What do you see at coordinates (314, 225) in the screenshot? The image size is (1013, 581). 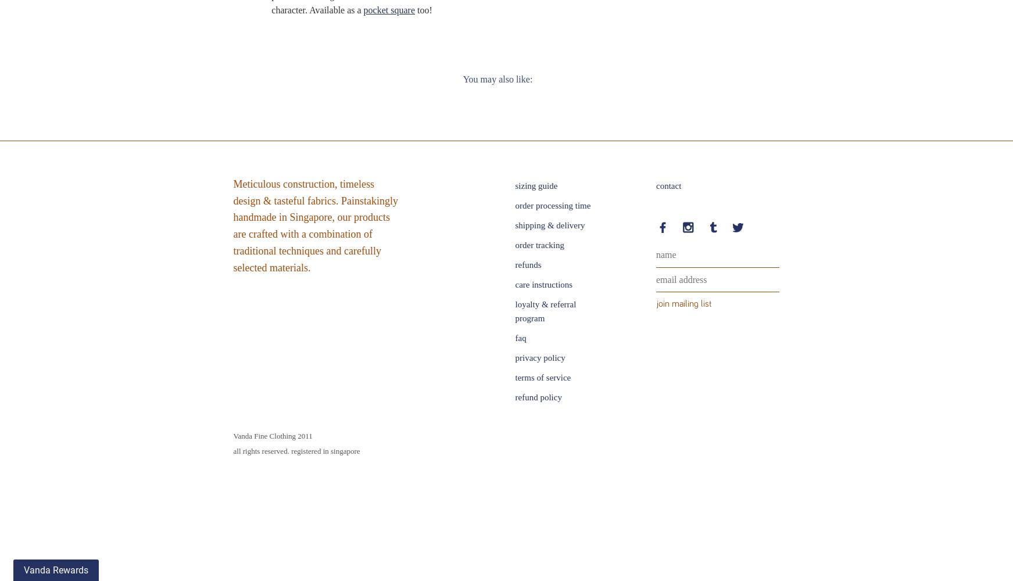 I see `'Meticulous construction, timeless design & tasteful fabrics. Painstakingly handmade in Singapore, our products are crafted with a combination of traditional techniques and carefully selected materials.'` at bounding box center [314, 225].